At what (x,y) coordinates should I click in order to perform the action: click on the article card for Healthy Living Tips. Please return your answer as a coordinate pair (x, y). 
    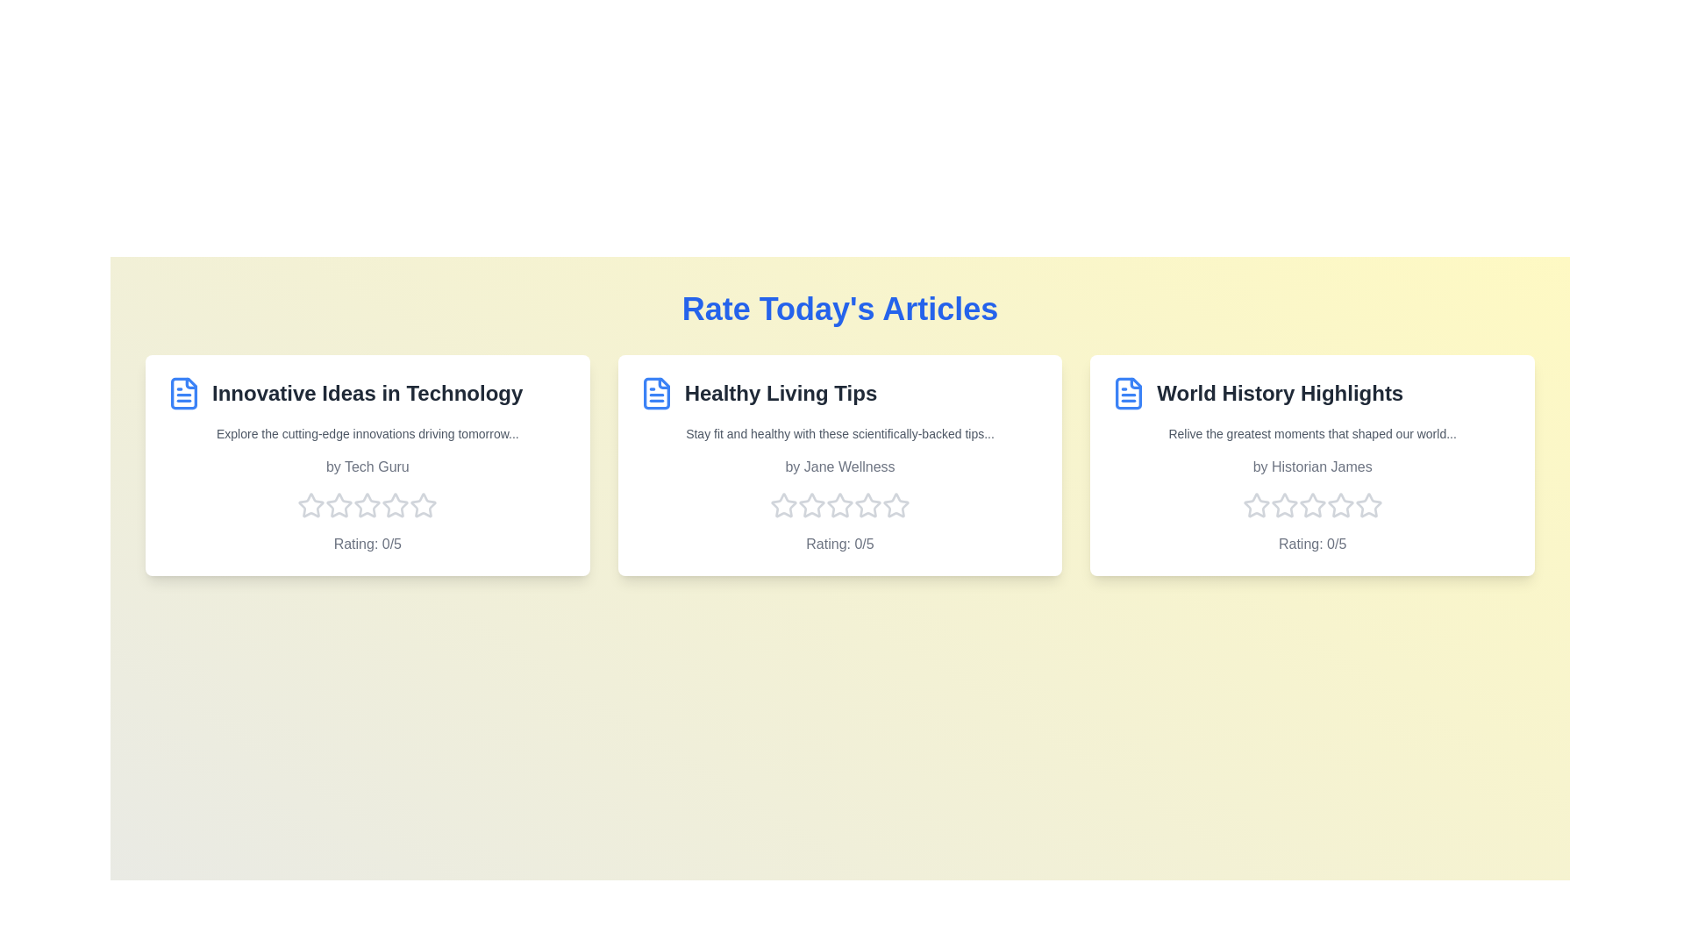
    Looking at the image, I should click on (839, 465).